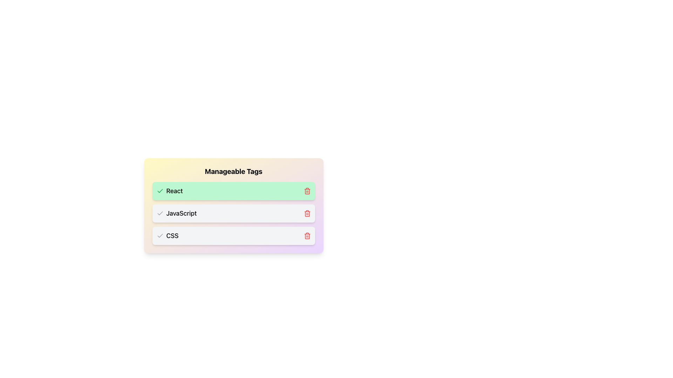 This screenshot has height=378, width=673. What do you see at coordinates (307, 213) in the screenshot?
I see `the trash bin icon, which is styled in red and represents a deletion button, located adjacent to the 'JavaScript' text` at bounding box center [307, 213].